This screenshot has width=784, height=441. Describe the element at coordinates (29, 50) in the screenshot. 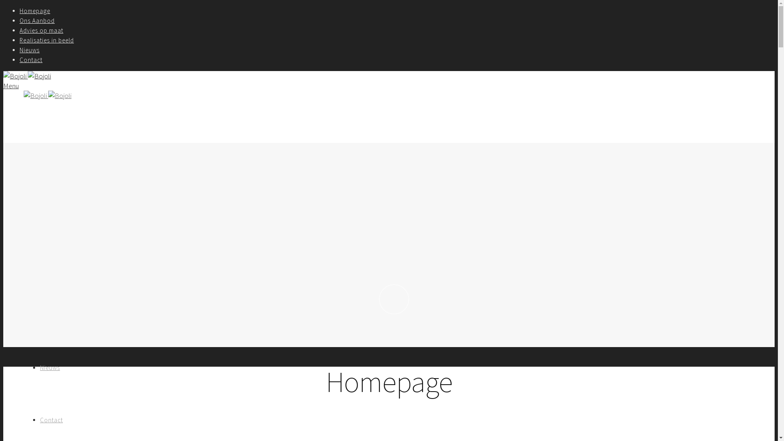

I see `'Nieuws'` at that location.